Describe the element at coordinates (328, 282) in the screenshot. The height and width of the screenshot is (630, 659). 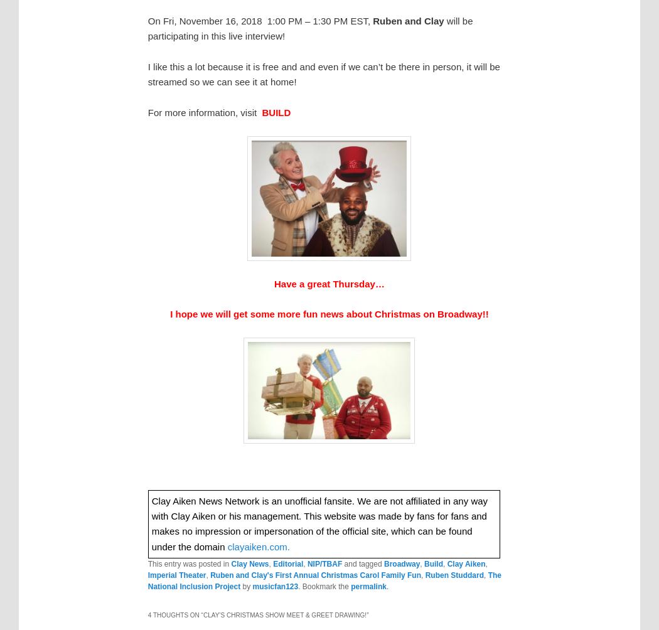
I see `'Have a great Thursday…'` at that location.